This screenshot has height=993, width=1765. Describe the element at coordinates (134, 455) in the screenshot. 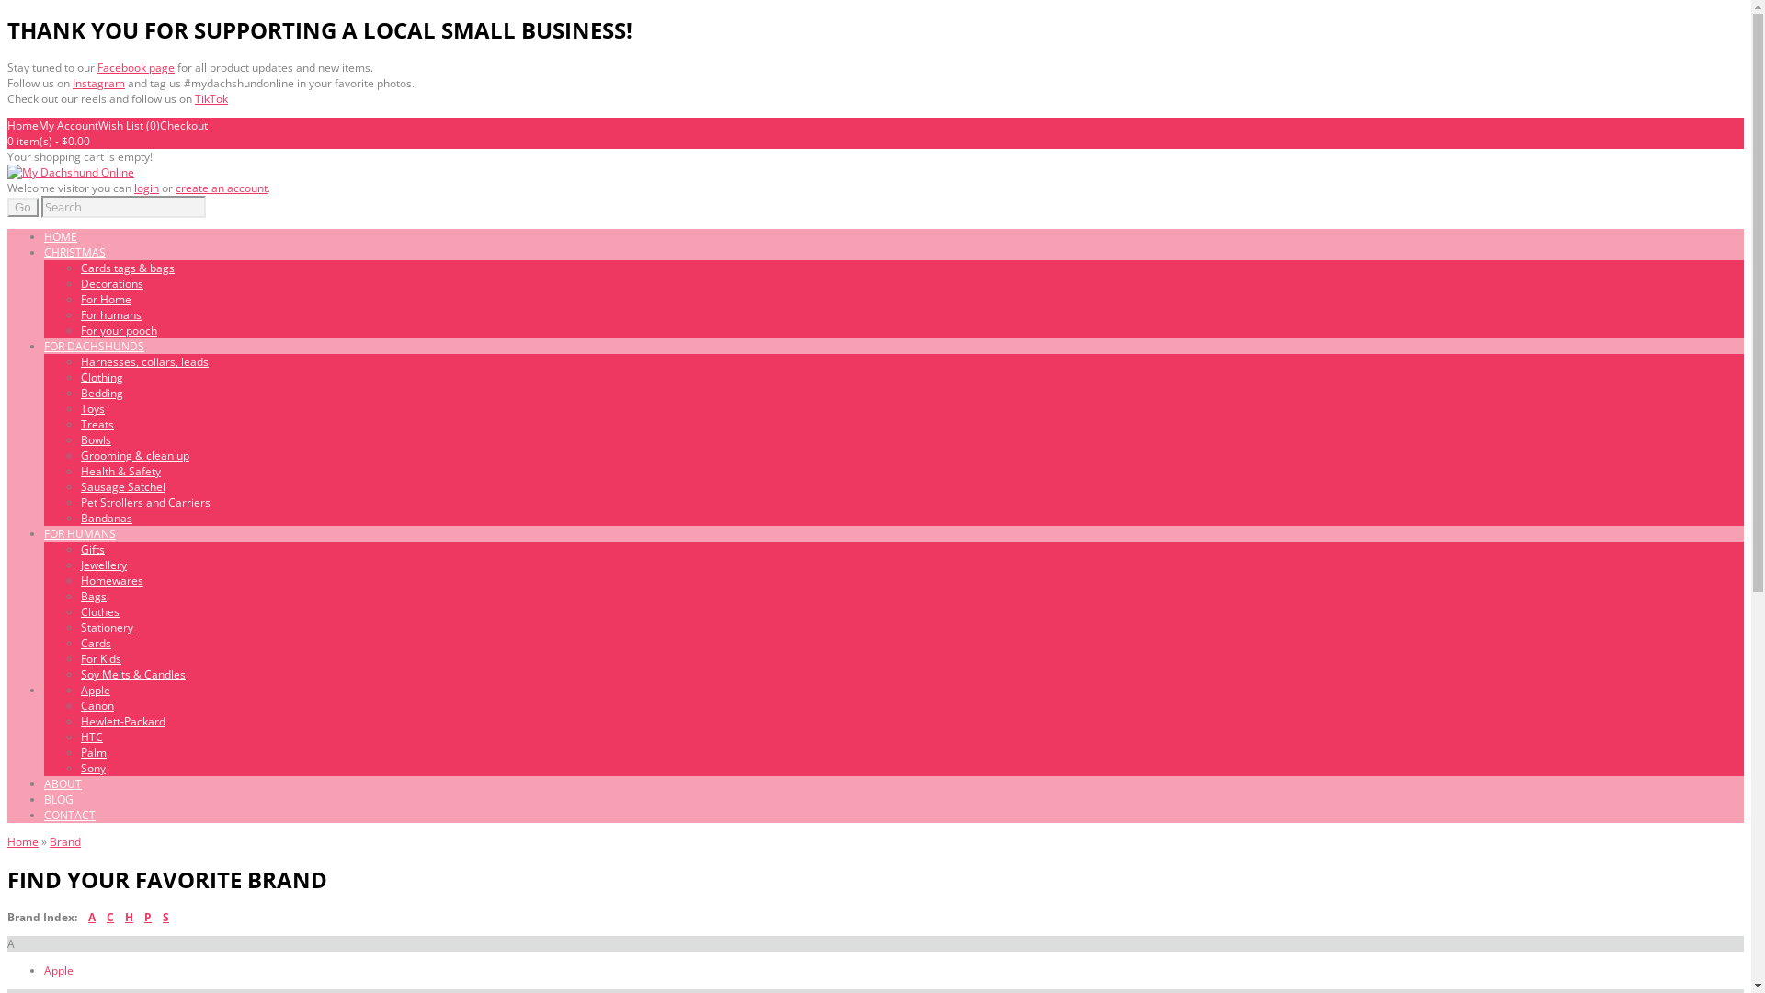

I see `'Grooming & clean up'` at that location.